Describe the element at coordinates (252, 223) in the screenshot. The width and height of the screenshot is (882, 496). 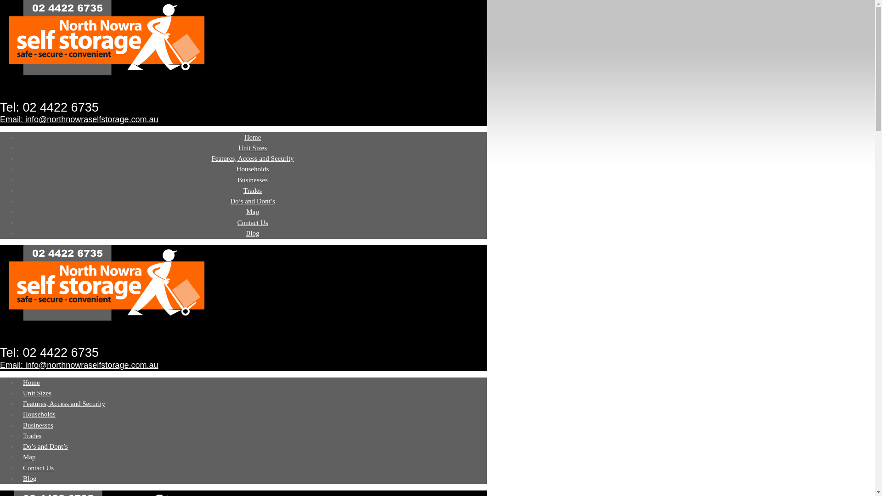
I see `'Contact Us'` at that location.